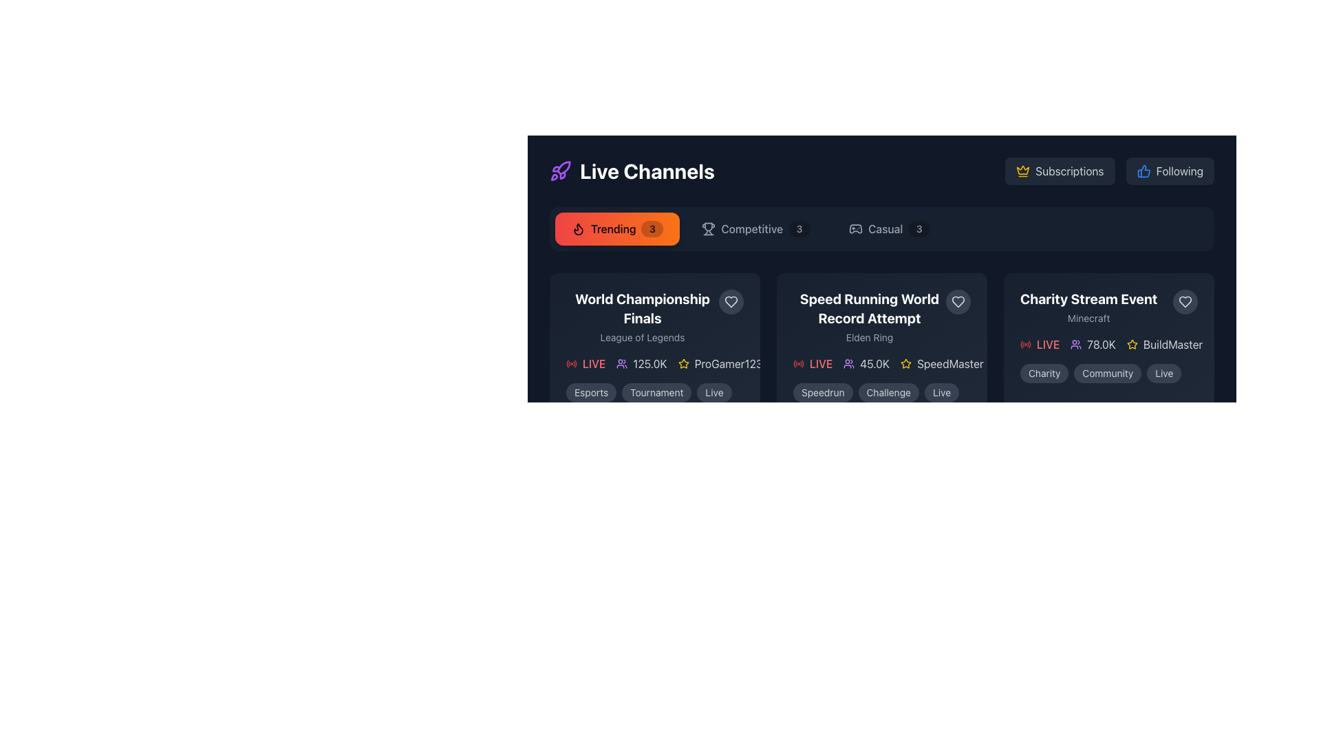 The height and width of the screenshot is (743, 1321). What do you see at coordinates (1109, 307) in the screenshot?
I see `the Text Label with Icon that displays the title 'Charity Stream Event' and category 'Minecraft'` at bounding box center [1109, 307].